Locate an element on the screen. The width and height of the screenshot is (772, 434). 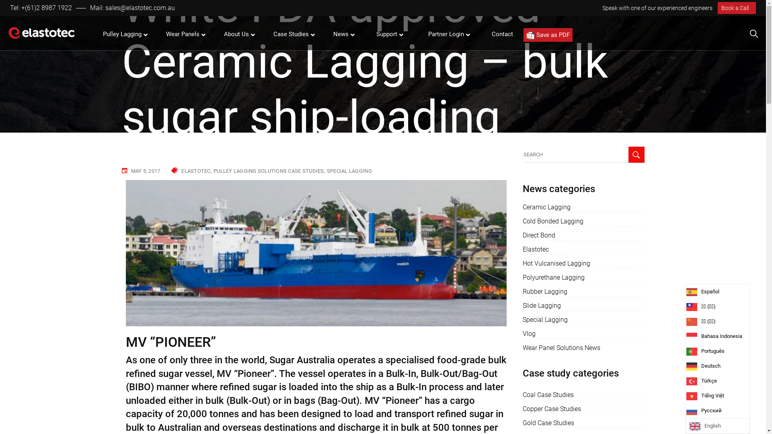
'Contact' is located at coordinates (502, 34).